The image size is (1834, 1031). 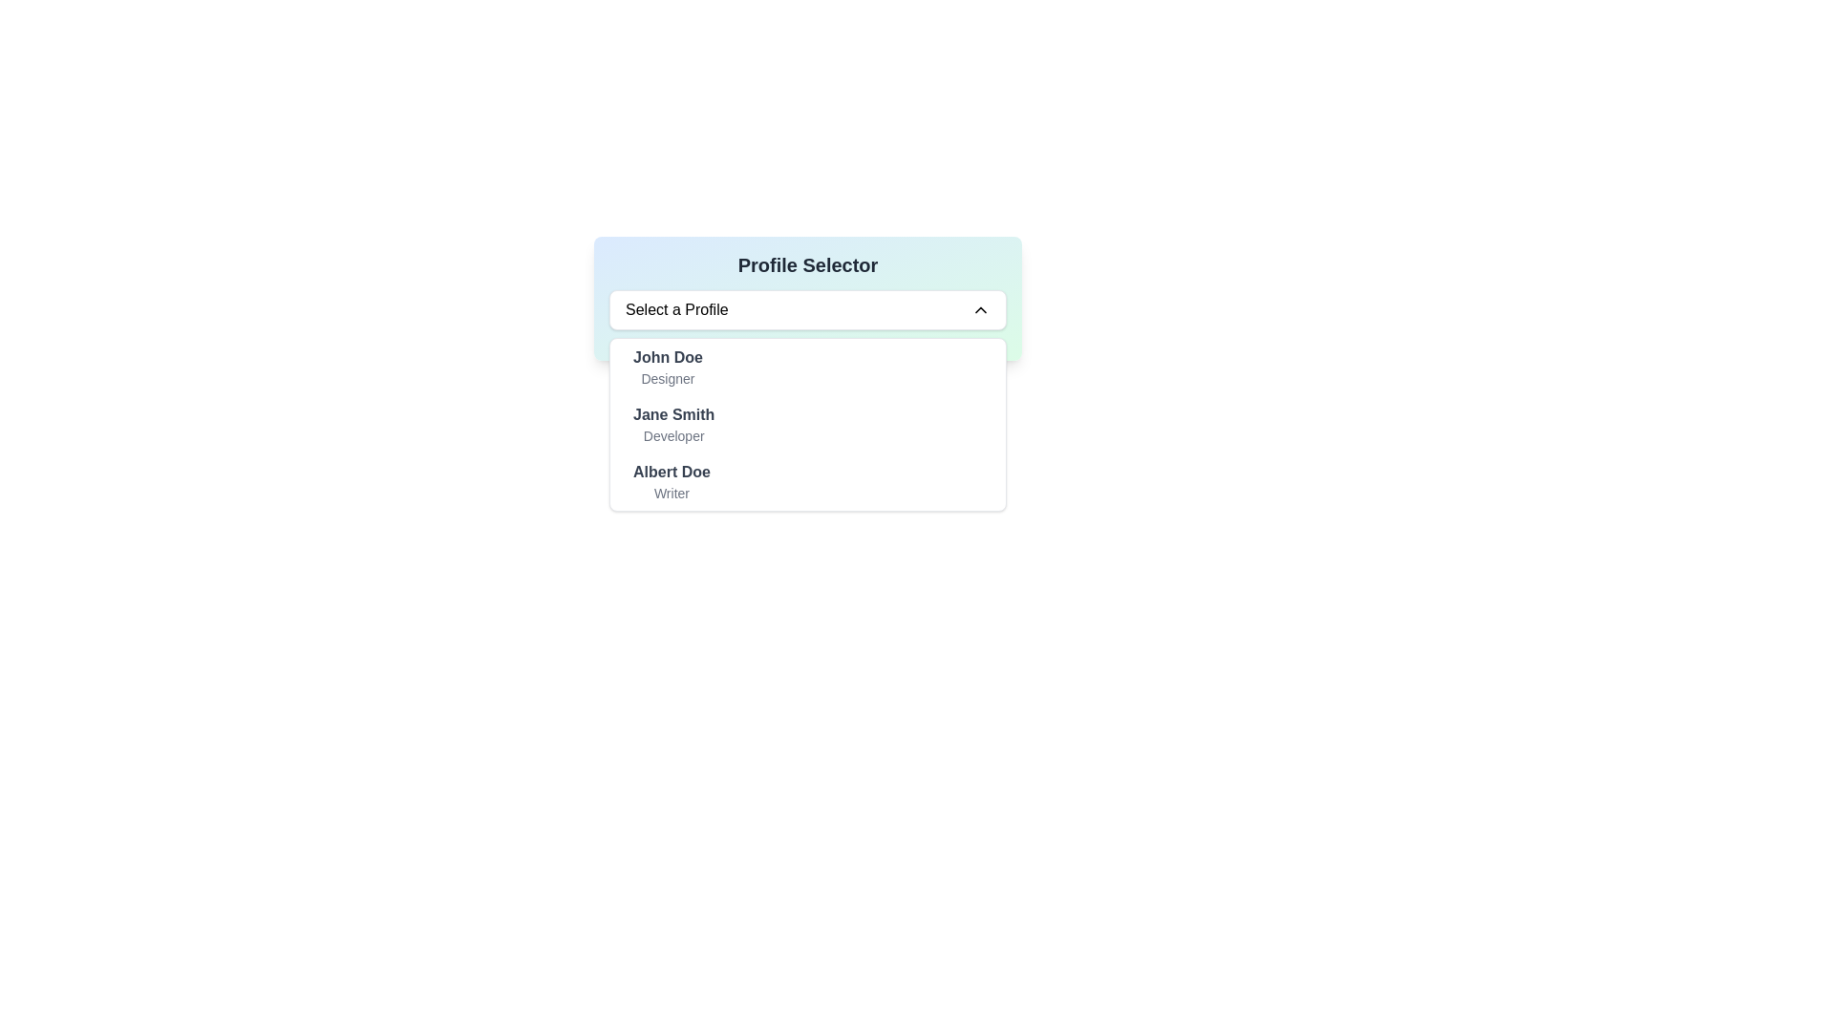 What do you see at coordinates (981, 308) in the screenshot?
I see `the toggle icon located at the rightmost position inside the 'Select a Profile' dropdown menu, which allows the user to close the dropdown or collapse the profile selection list` at bounding box center [981, 308].